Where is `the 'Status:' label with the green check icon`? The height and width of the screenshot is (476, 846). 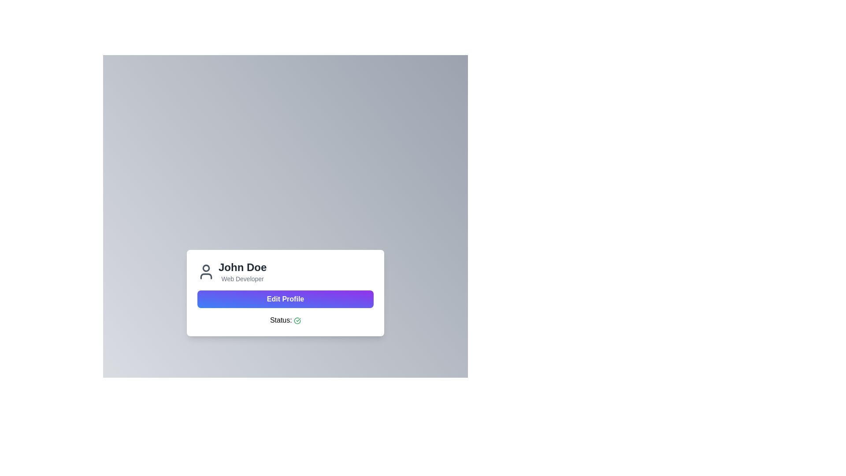
the 'Status:' label with the green check icon is located at coordinates (286, 320).